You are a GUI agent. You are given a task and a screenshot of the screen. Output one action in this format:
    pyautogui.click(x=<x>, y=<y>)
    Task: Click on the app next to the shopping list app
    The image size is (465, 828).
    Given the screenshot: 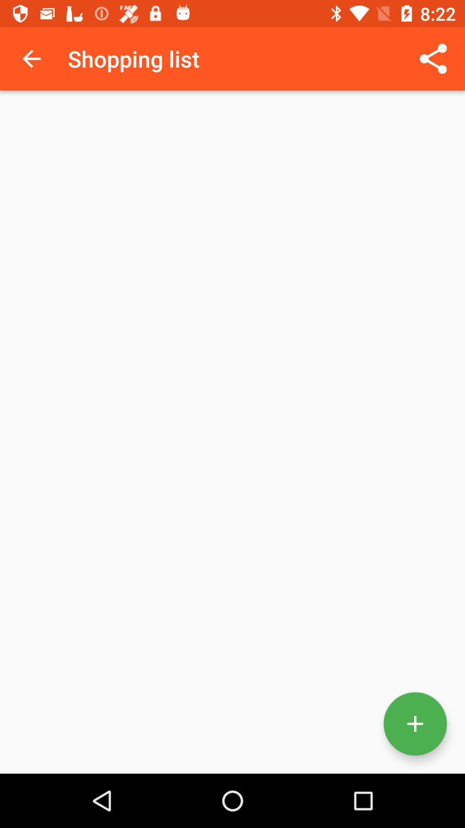 What is the action you would take?
    pyautogui.click(x=433, y=58)
    